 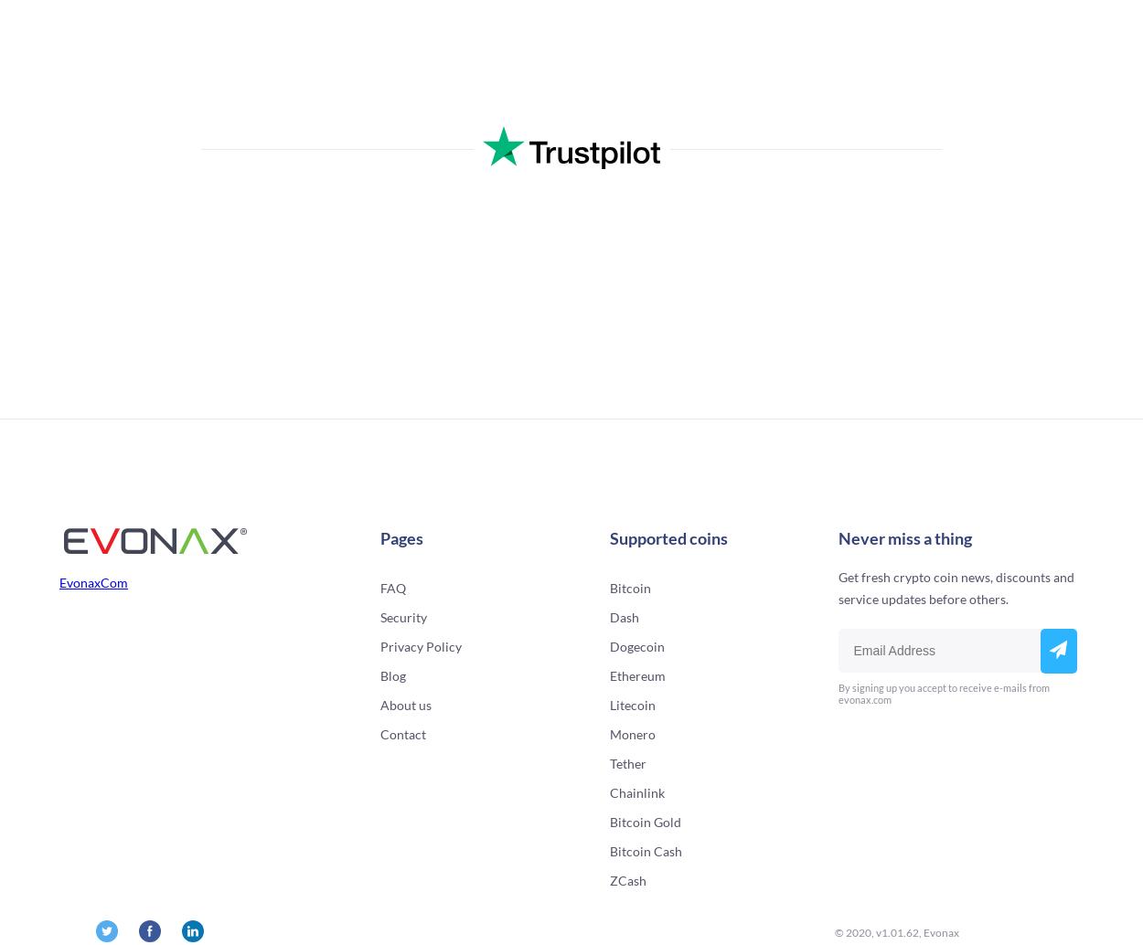 What do you see at coordinates (379, 588) in the screenshot?
I see `'FAQ'` at bounding box center [379, 588].